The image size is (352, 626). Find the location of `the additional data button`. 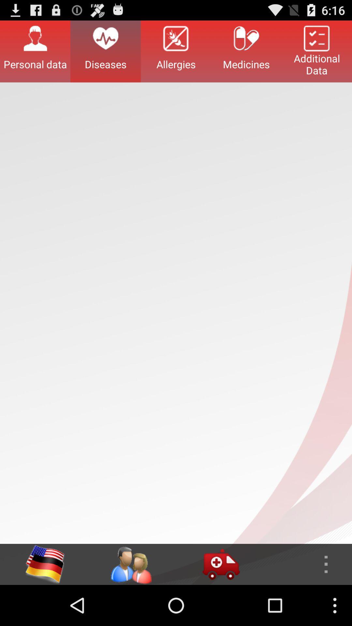

the additional data button is located at coordinates (316, 51).